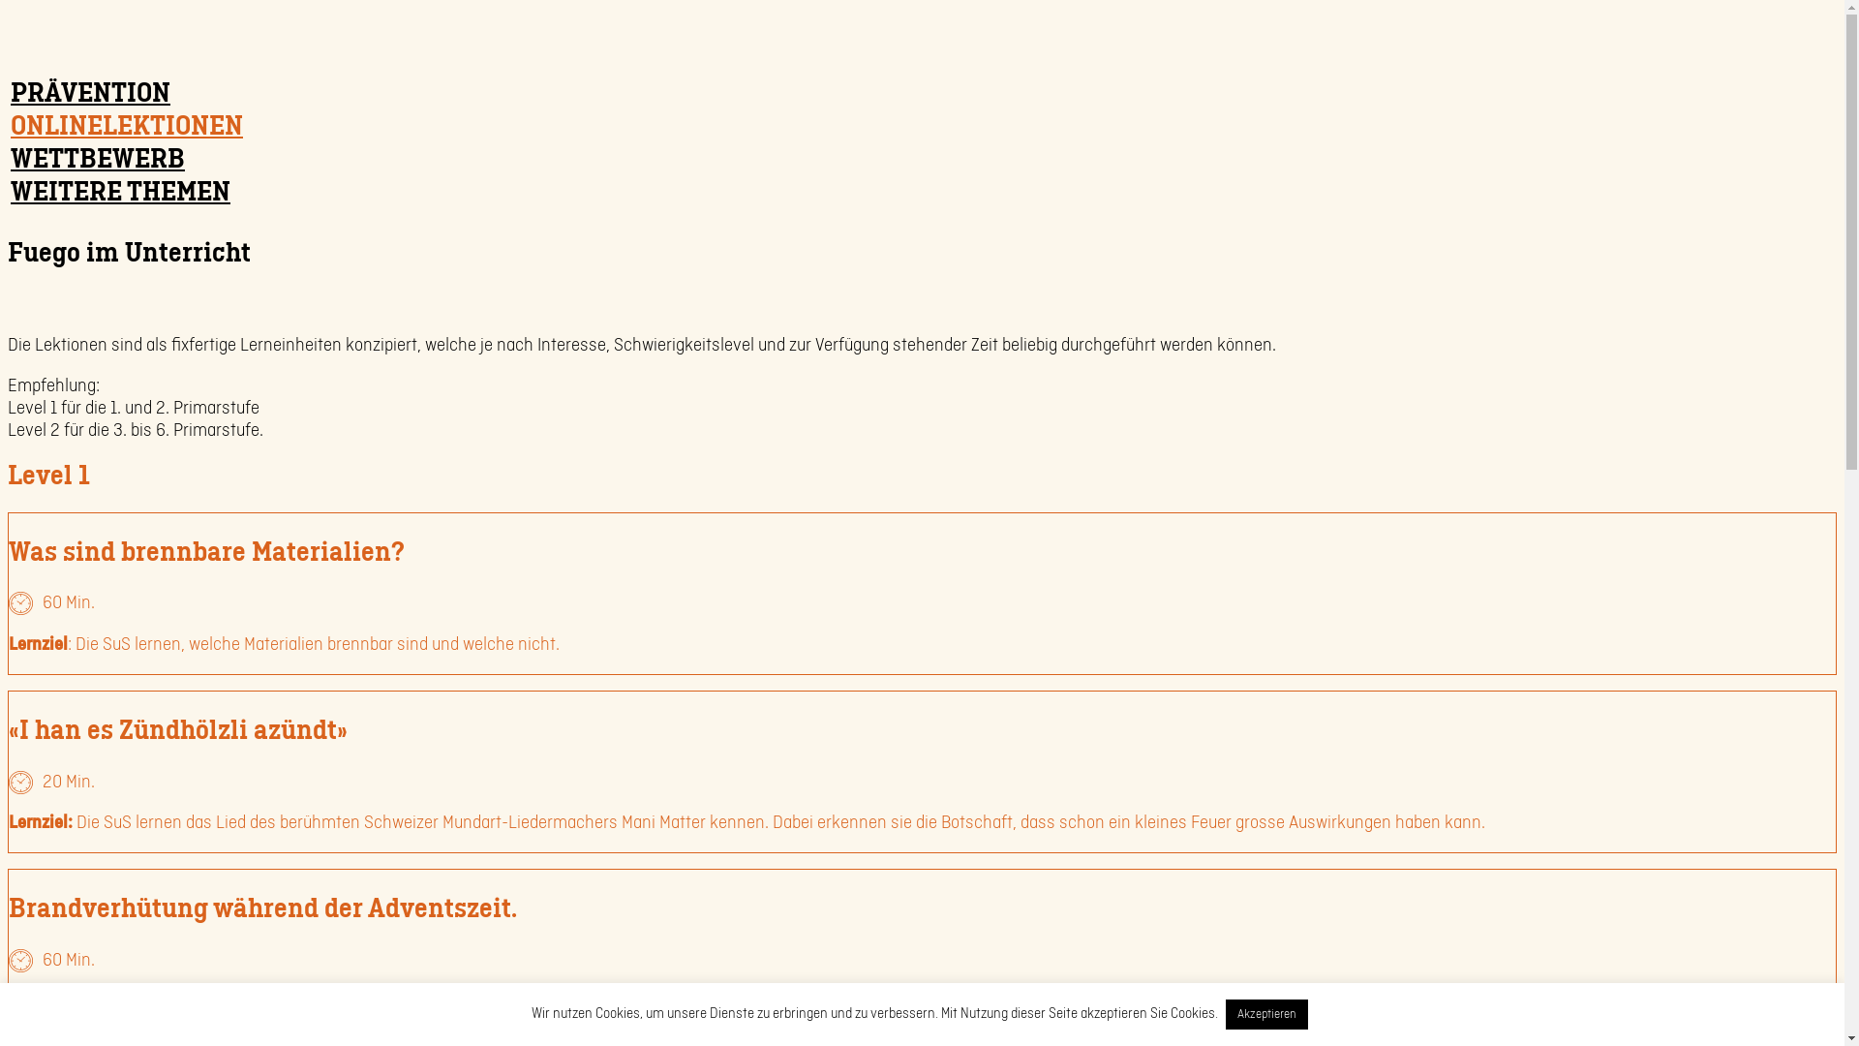 The height and width of the screenshot is (1046, 1859). I want to click on 'Akzeptieren', so click(1225, 1013).